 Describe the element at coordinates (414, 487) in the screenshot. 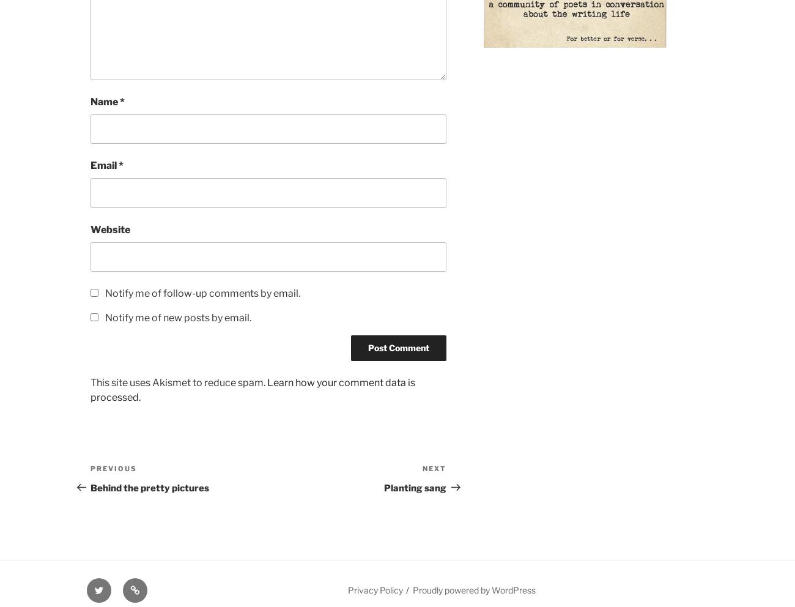

I see `'Planting sang'` at that location.